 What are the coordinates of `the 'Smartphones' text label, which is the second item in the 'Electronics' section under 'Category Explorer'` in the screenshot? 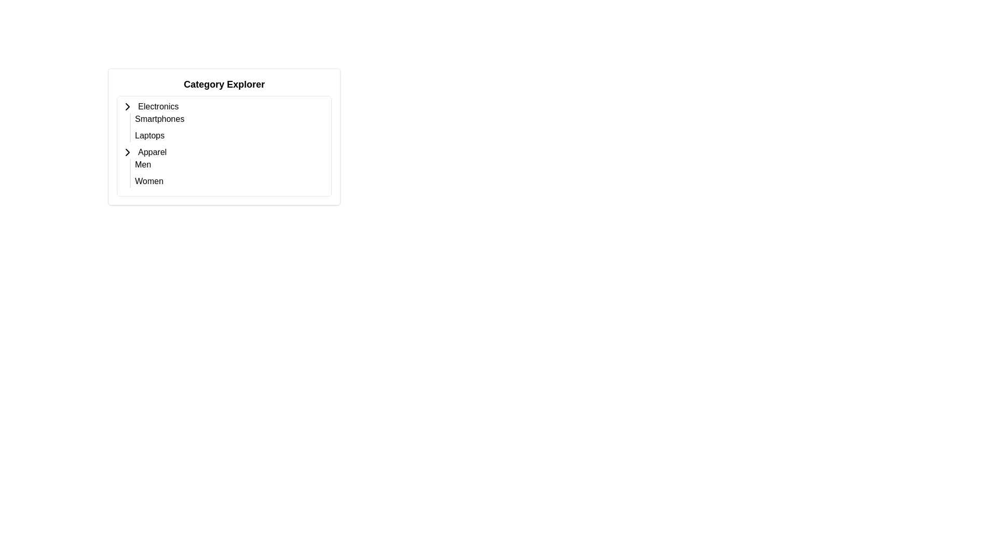 It's located at (159, 119).